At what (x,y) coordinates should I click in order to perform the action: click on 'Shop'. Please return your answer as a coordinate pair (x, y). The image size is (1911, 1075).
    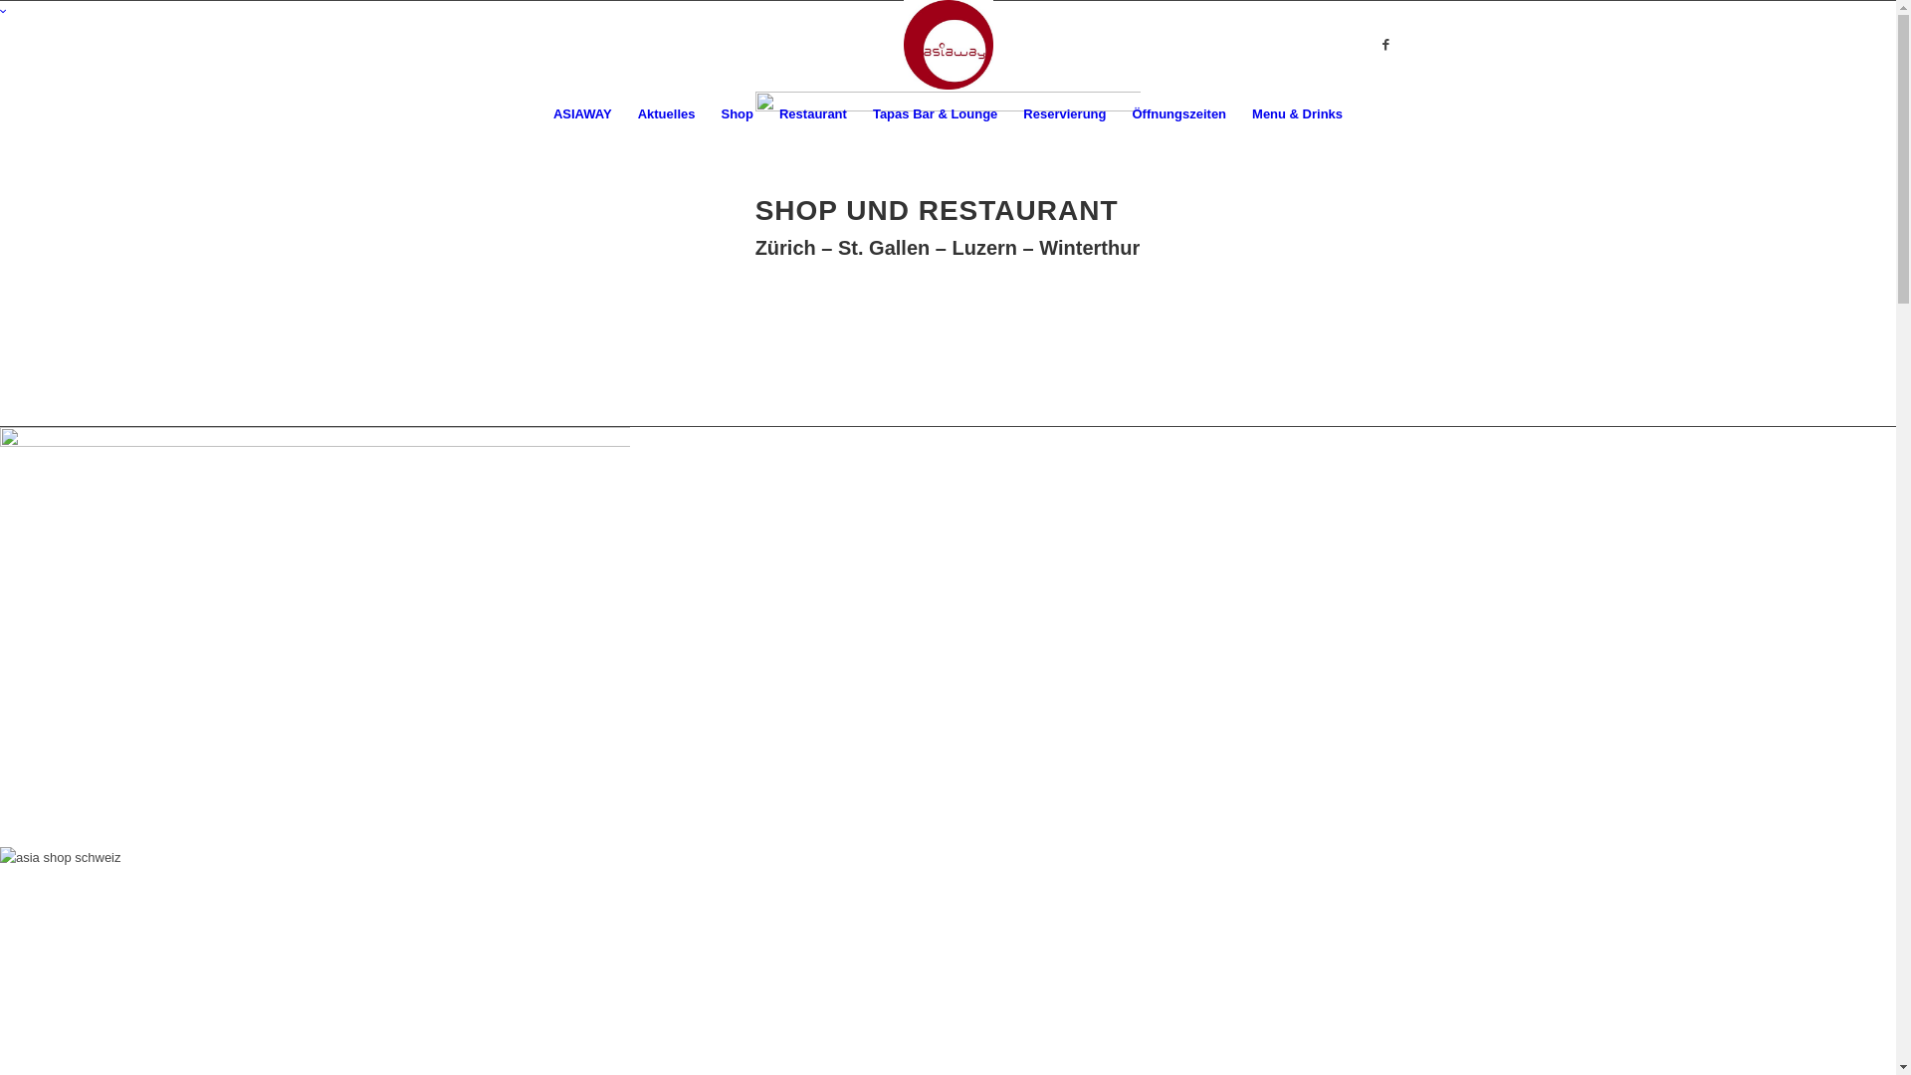
    Looking at the image, I should click on (736, 114).